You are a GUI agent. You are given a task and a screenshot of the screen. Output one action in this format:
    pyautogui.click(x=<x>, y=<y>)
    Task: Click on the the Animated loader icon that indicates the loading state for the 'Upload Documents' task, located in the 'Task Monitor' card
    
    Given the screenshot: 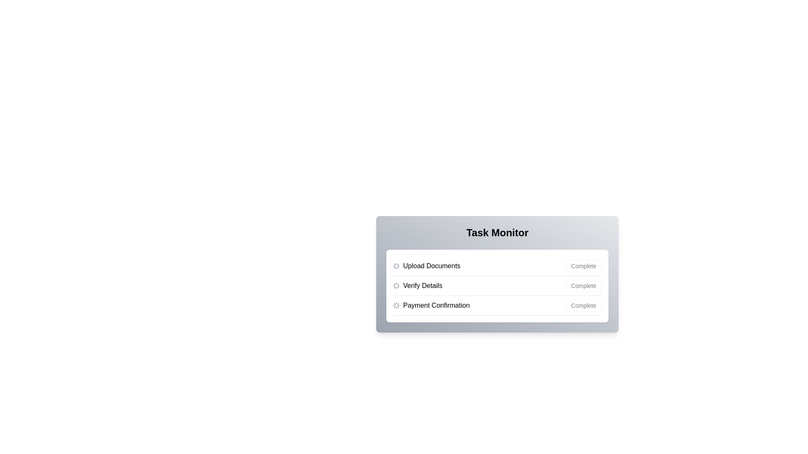 What is the action you would take?
    pyautogui.click(x=396, y=266)
    